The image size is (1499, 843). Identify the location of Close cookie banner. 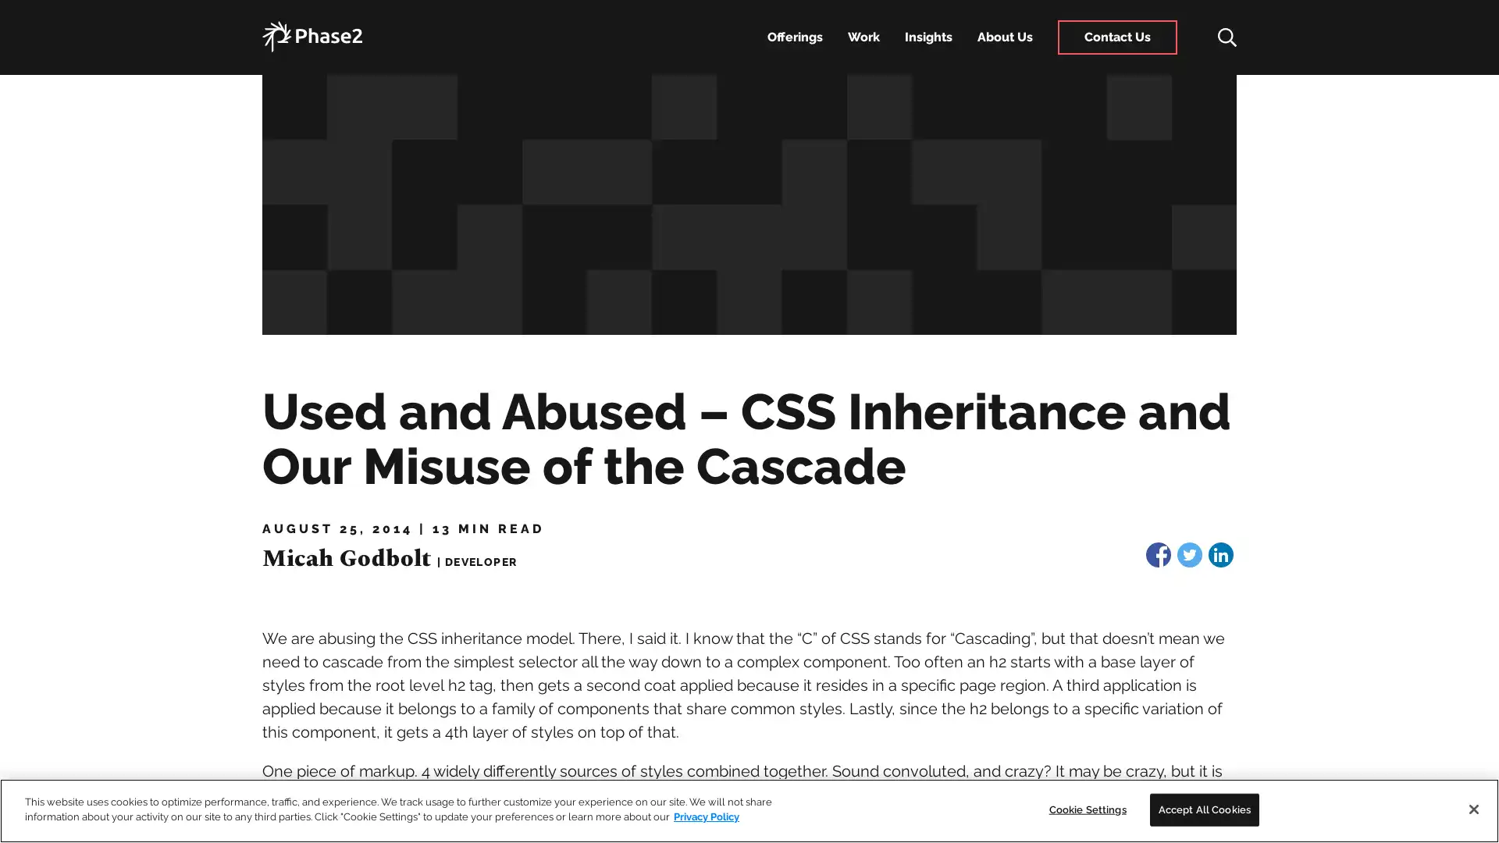
(1472, 808).